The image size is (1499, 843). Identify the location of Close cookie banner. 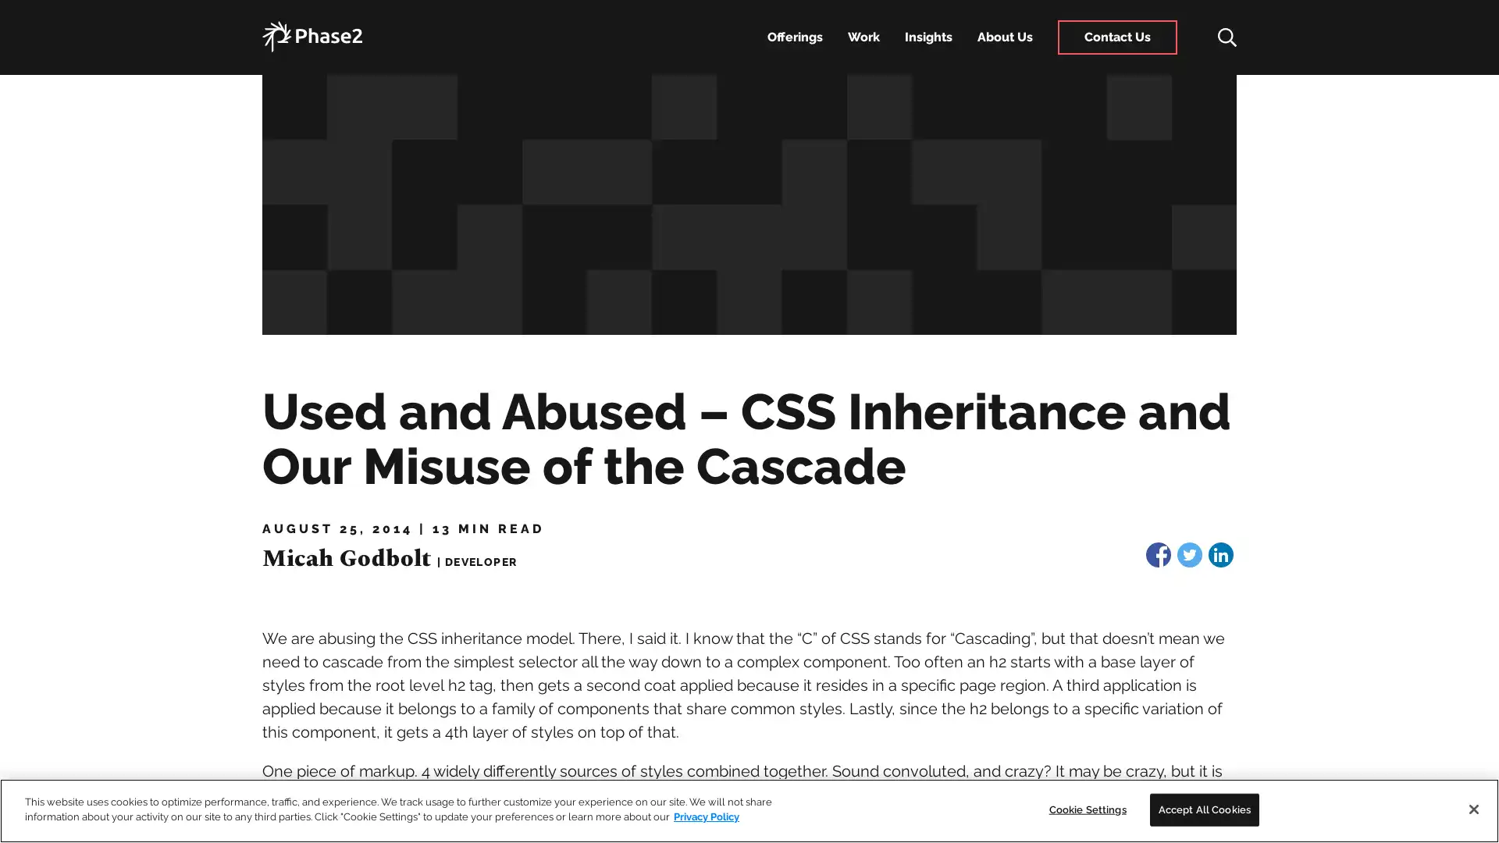
(1472, 808).